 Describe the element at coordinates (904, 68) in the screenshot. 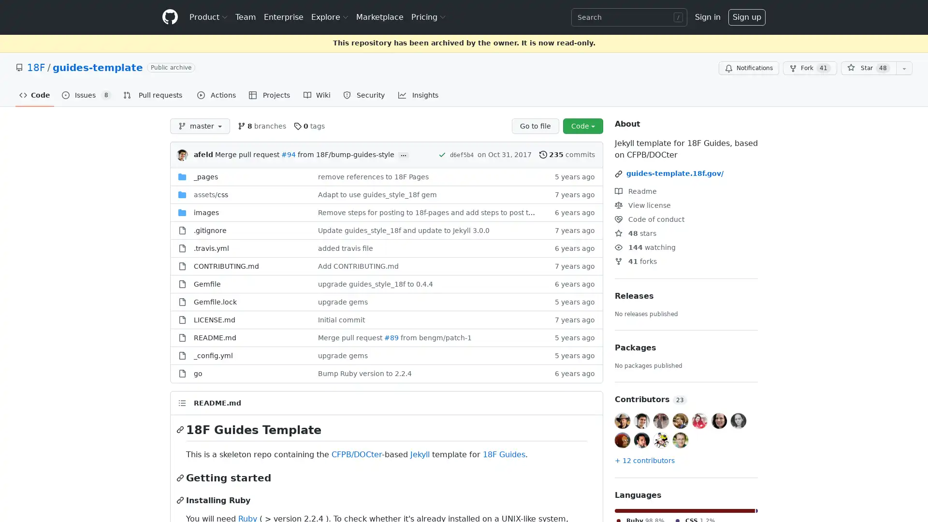

I see `You must be signed in to add this repository to a list` at that location.